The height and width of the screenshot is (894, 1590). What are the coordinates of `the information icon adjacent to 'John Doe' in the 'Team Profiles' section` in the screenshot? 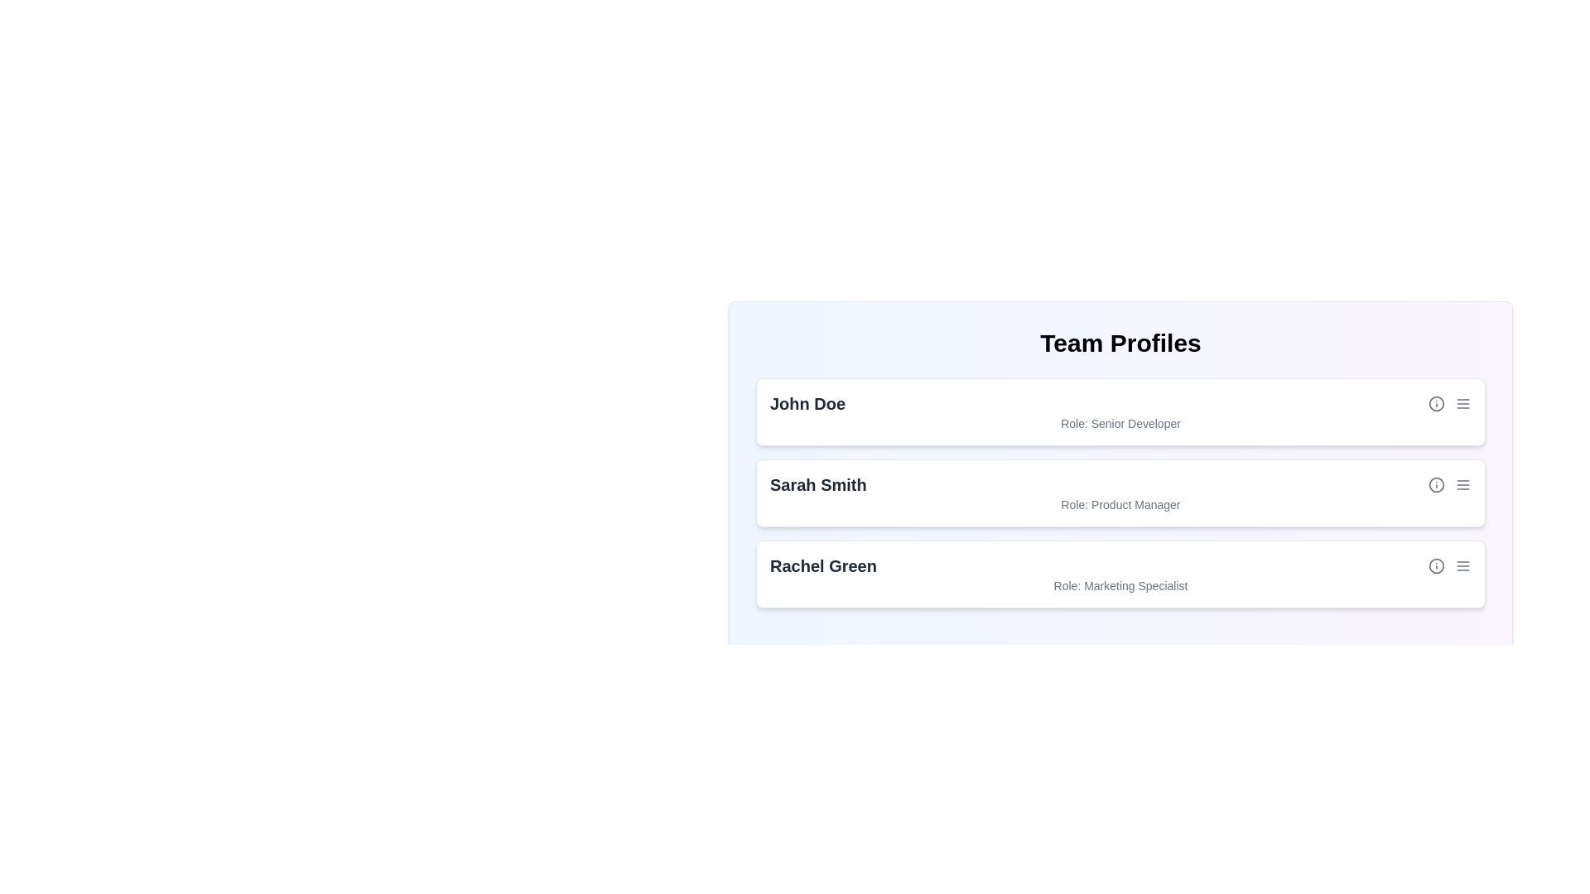 It's located at (1435, 404).